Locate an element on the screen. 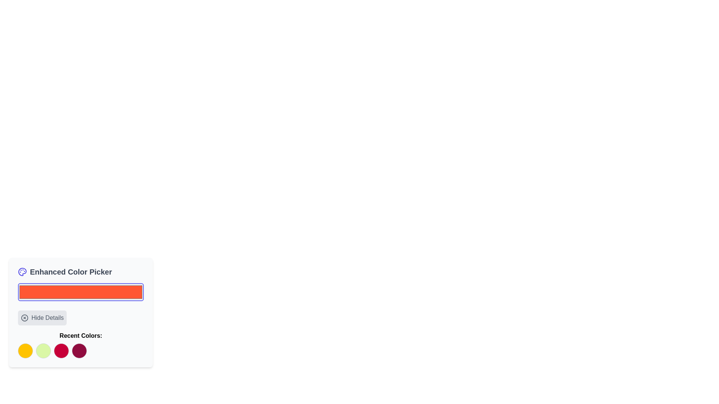 The height and width of the screenshot is (404, 719). displayed title of the header element located at the top of a section with a light background, positioned above a bordered color field input is located at coordinates (81, 272).